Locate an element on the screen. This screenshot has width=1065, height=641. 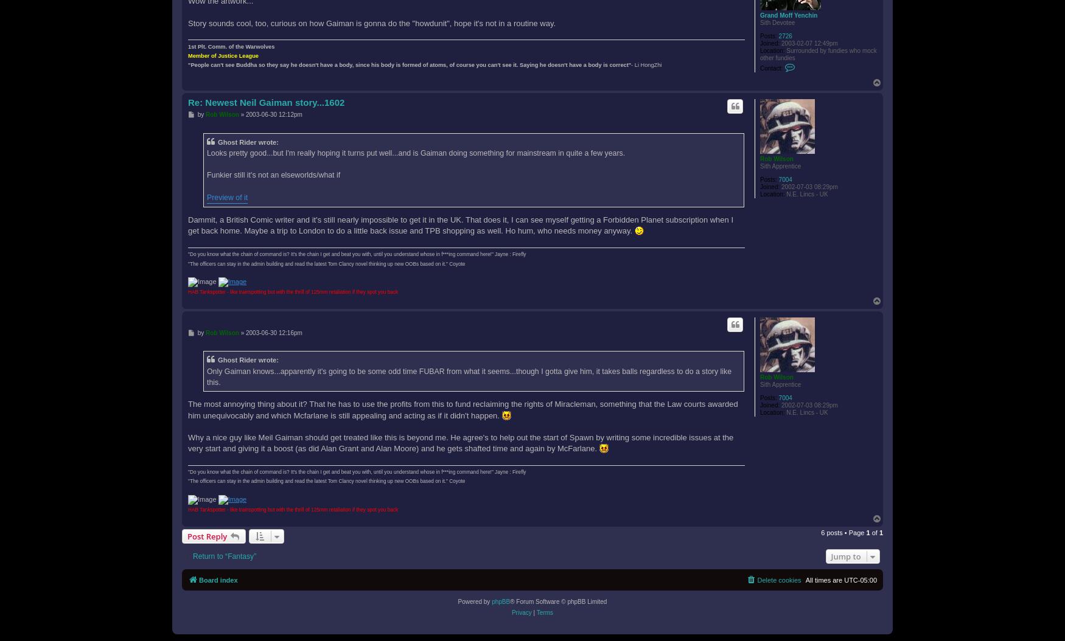
'Funkier still it's not an elseworlds/what if' is located at coordinates (207, 174).